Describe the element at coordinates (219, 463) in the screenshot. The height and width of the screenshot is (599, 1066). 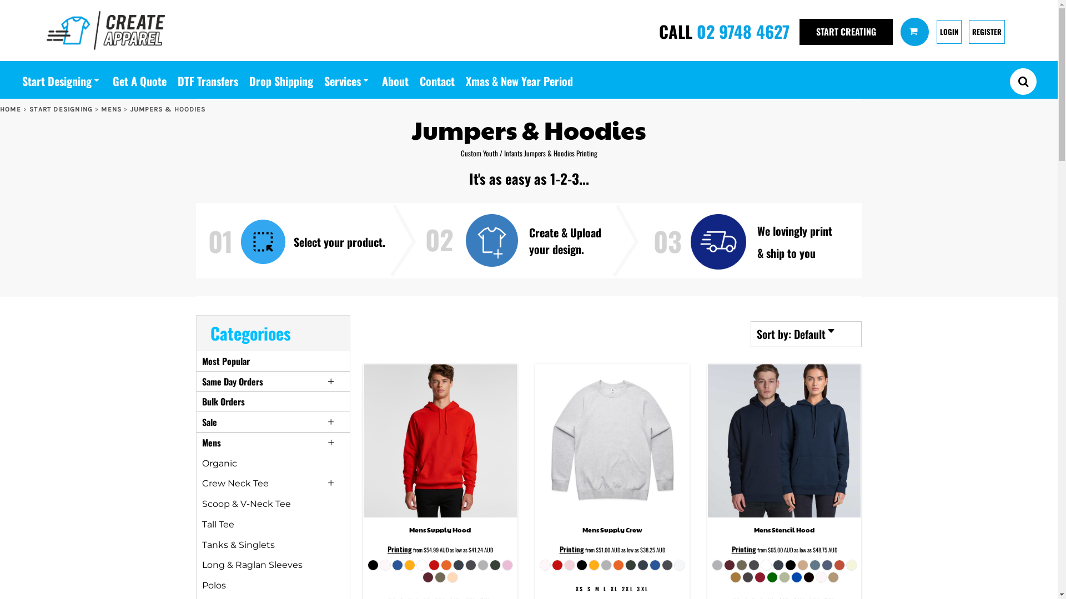
I see `'Organic'` at that location.